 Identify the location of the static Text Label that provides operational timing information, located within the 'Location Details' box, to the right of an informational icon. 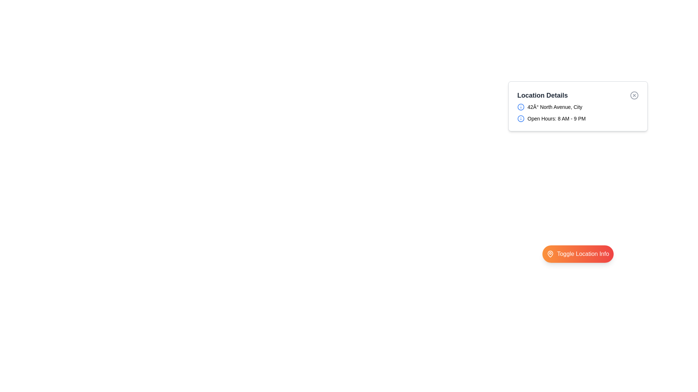
(556, 118).